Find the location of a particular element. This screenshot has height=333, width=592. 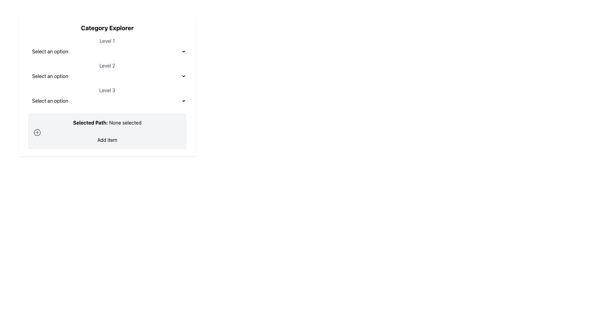

the static text label that serves as a label for the associated dropdown menu at Level 3, located below the 'Level 2' section in the 'Category Explorer' panel is located at coordinates (107, 90).